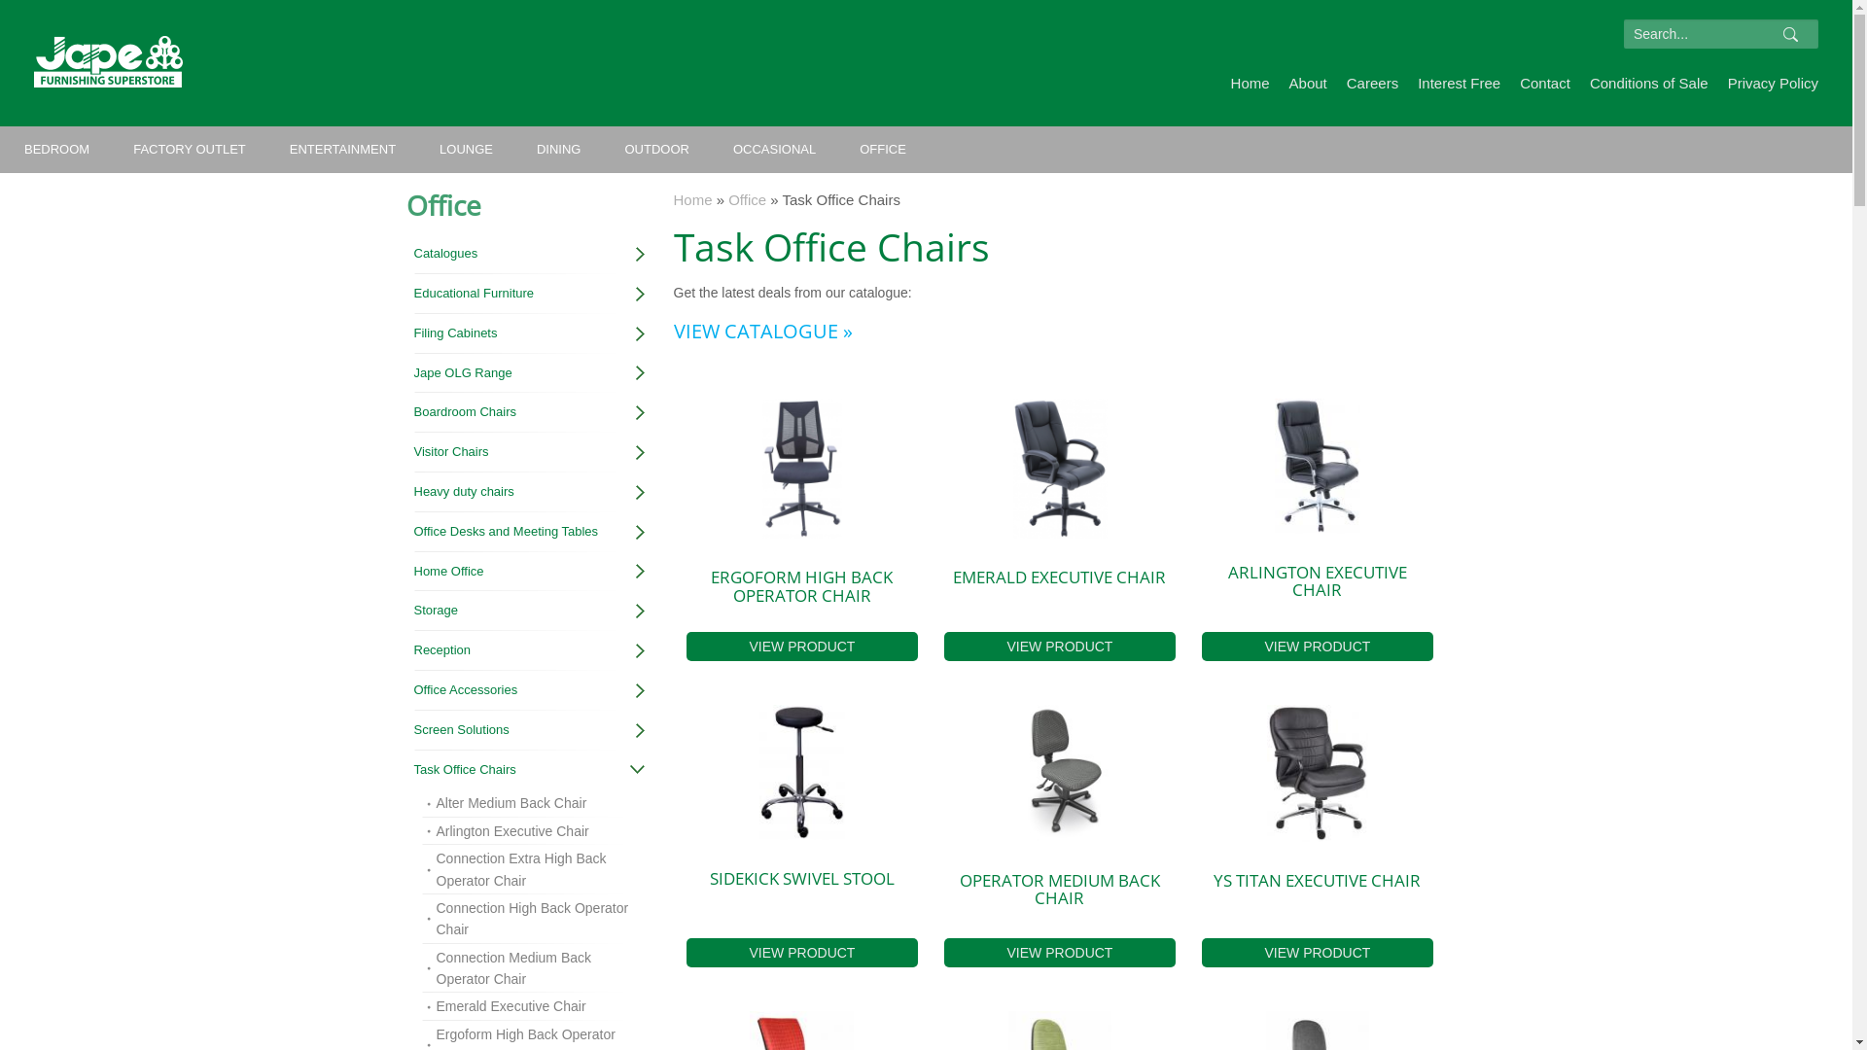 The width and height of the screenshot is (1867, 1050). I want to click on 'Home Office', so click(529, 571).